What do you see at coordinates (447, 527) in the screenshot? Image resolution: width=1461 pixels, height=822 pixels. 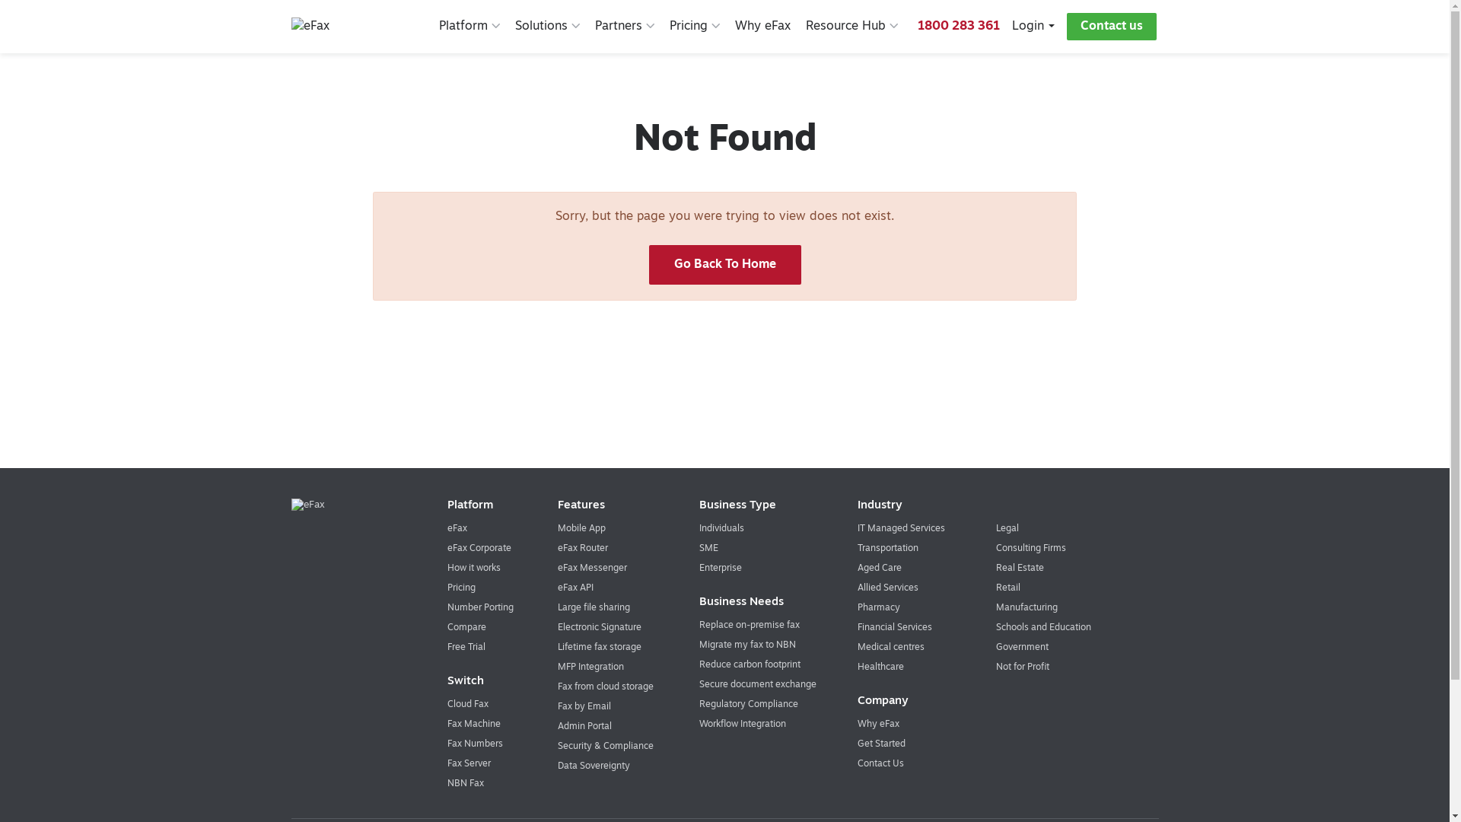 I see `'eFax'` at bounding box center [447, 527].